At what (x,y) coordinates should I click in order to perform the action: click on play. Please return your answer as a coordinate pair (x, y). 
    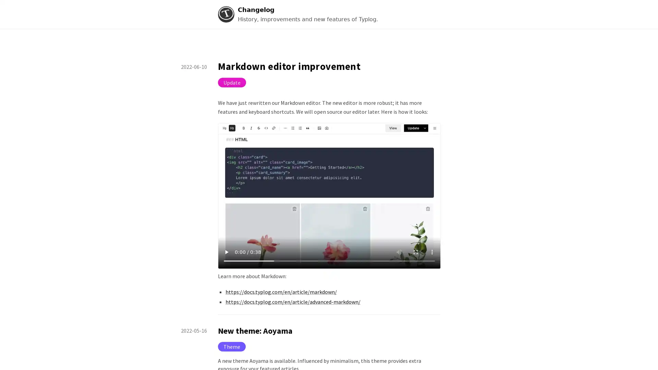
    Looking at the image, I should click on (227, 252).